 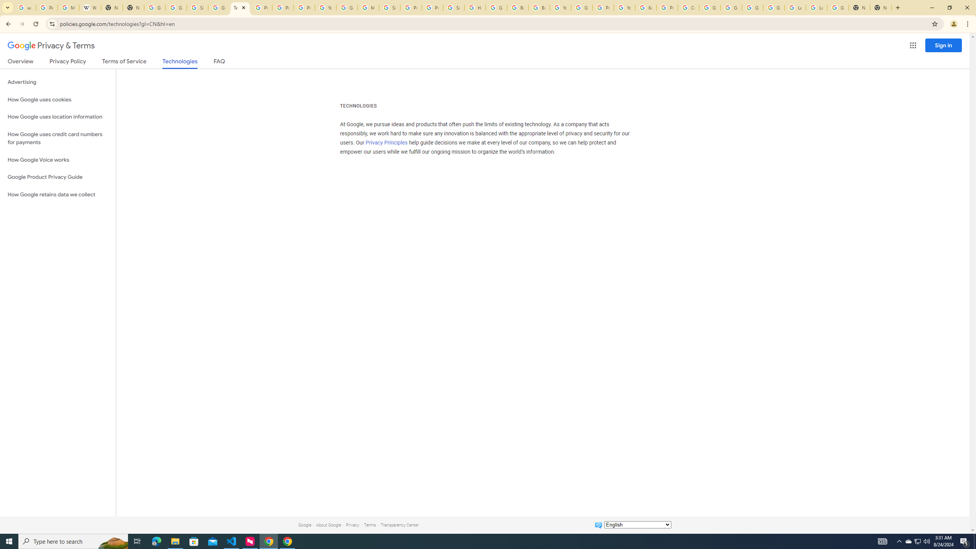 What do you see at coordinates (710, 7) in the screenshot?
I see `'Google Account Help'` at bounding box center [710, 7].